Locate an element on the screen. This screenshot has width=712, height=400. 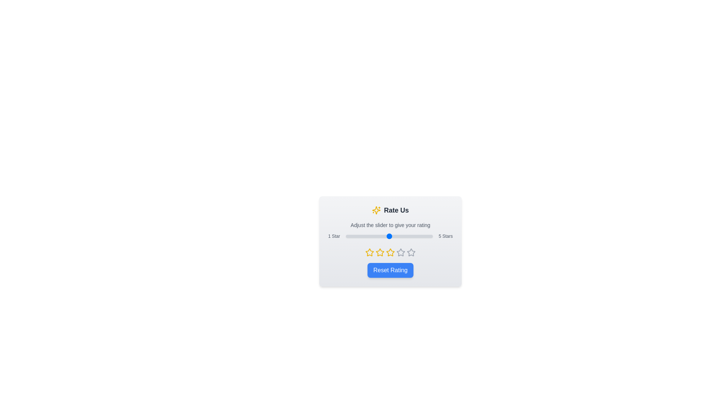
the star rating slider to 2 stars is located at coordinates (367, 236).